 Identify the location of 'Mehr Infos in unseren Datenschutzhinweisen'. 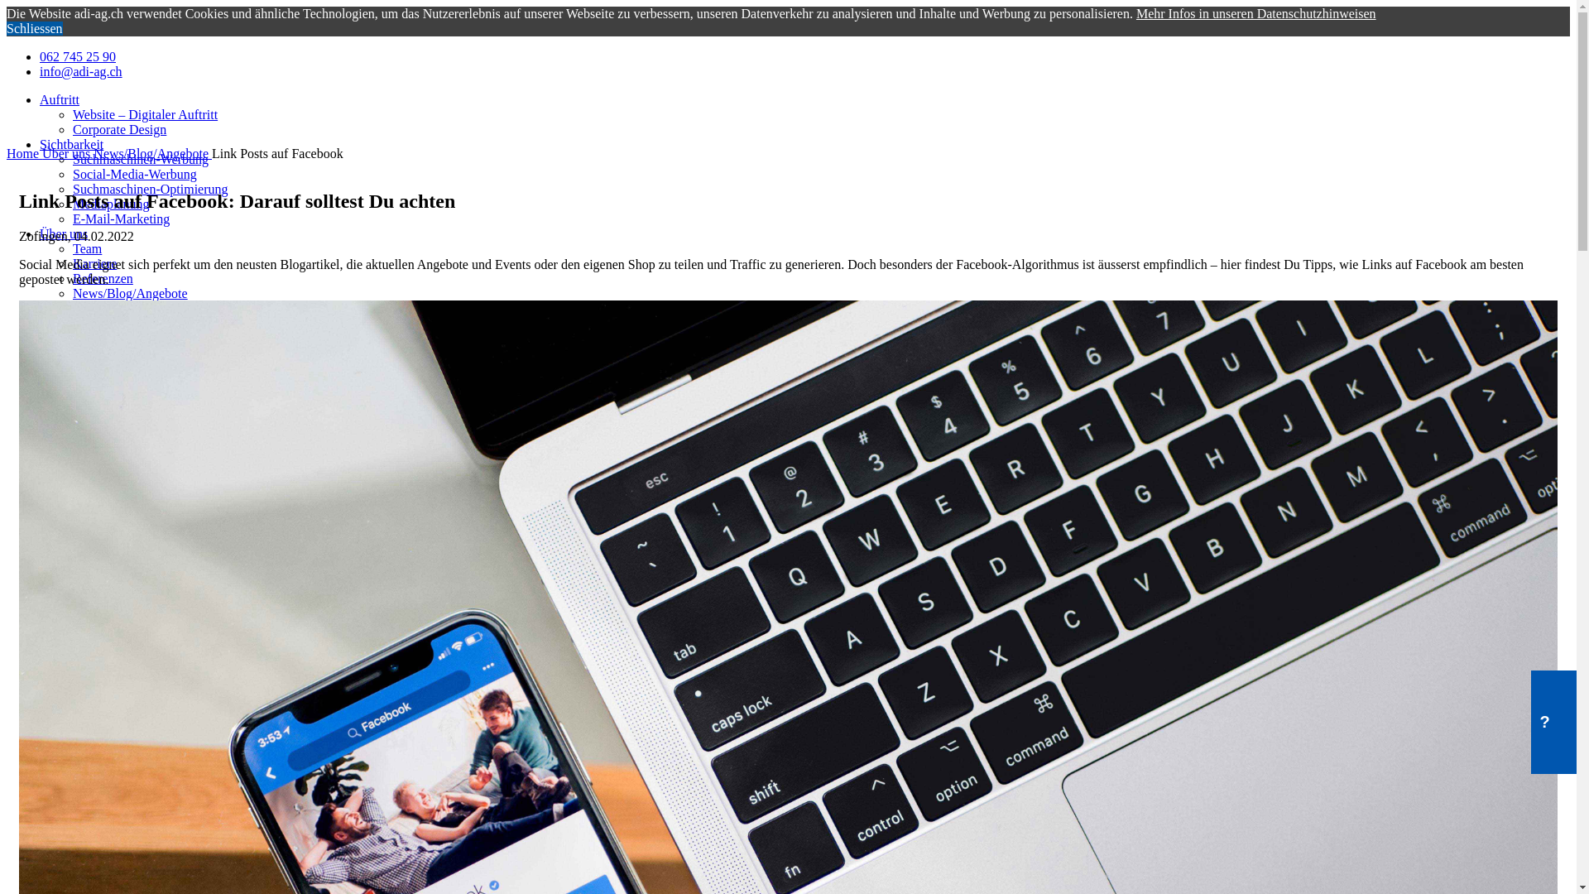
(1255, 13).